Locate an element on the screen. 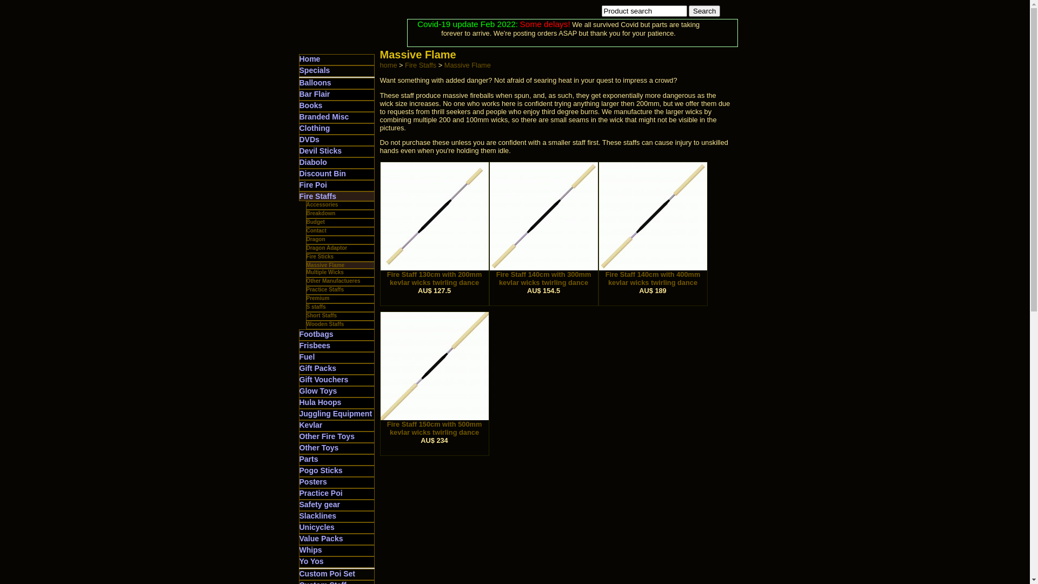 This screenshot has width=1038, height=584. 'Value Packs' is located at coordinates (321, 538).